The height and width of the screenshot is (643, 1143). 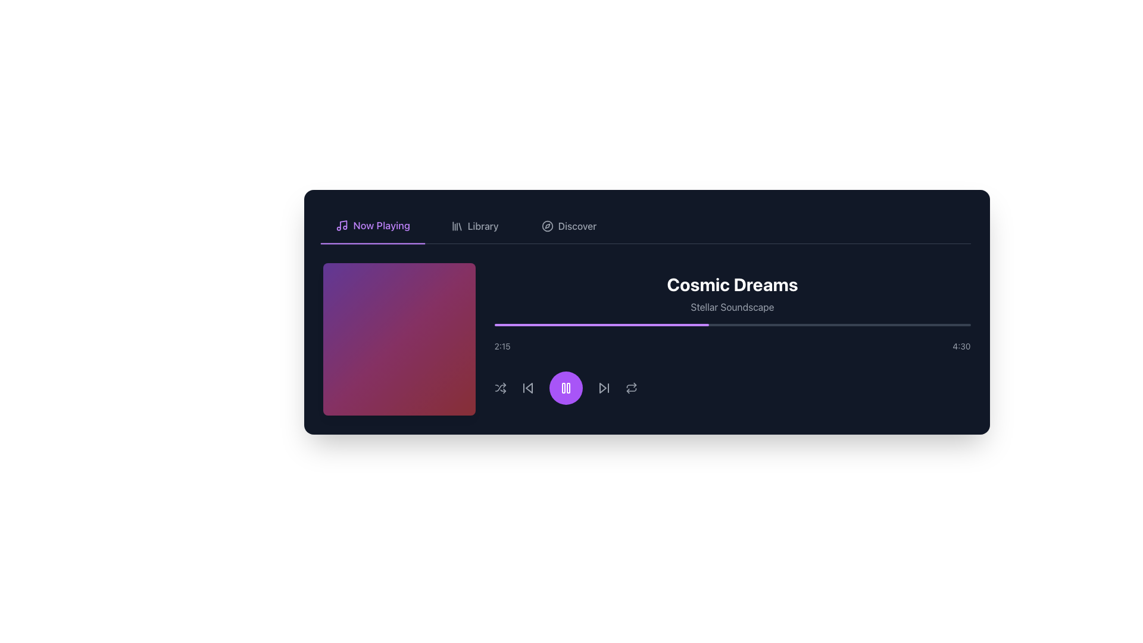 I want to click on the 'Now Playing' tab in the top-left section of the navigation bar, so click(x=372, y=226).